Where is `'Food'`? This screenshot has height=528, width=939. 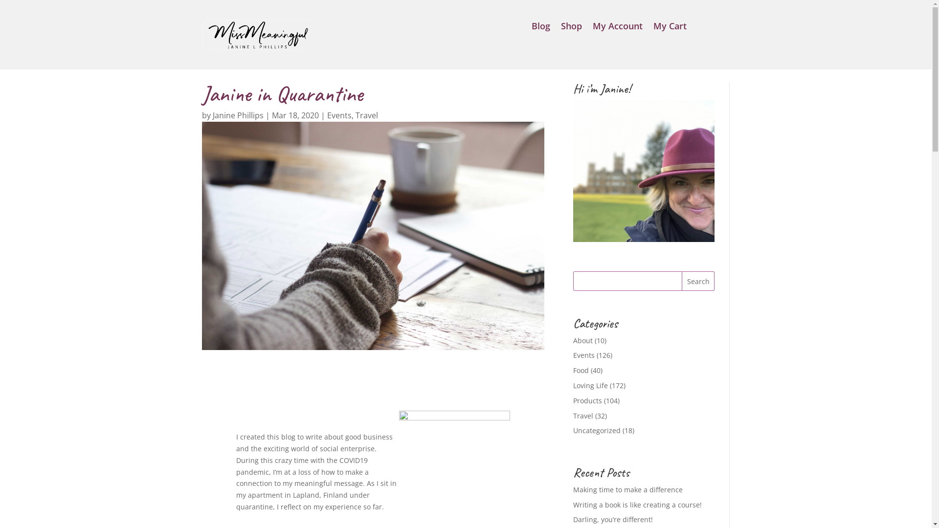
'Food' is located at coordinates (581, 370).